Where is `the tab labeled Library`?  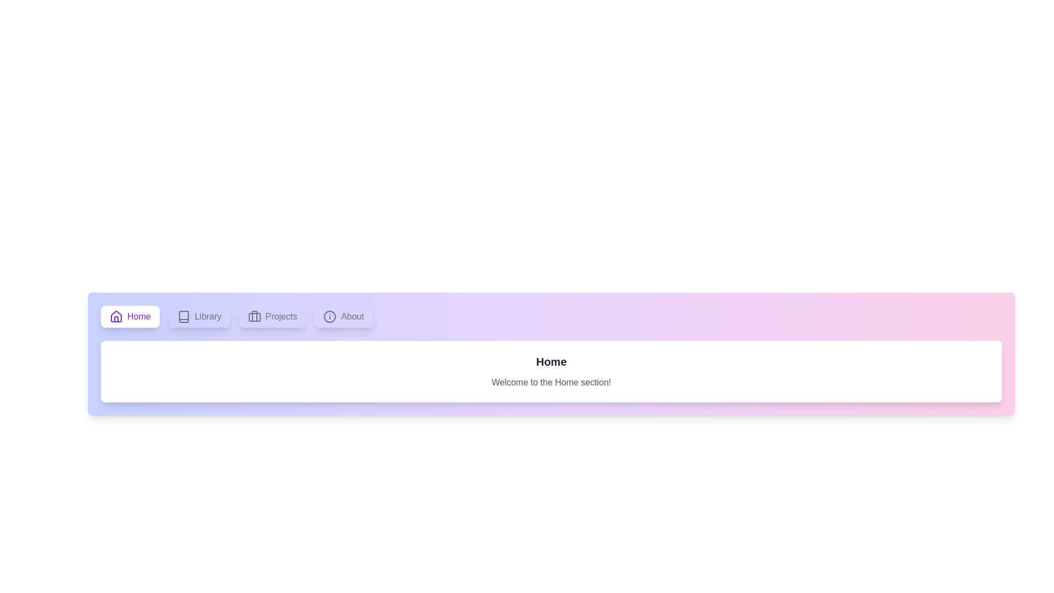 the tab labeled Library is located at coordinates (199, 317).